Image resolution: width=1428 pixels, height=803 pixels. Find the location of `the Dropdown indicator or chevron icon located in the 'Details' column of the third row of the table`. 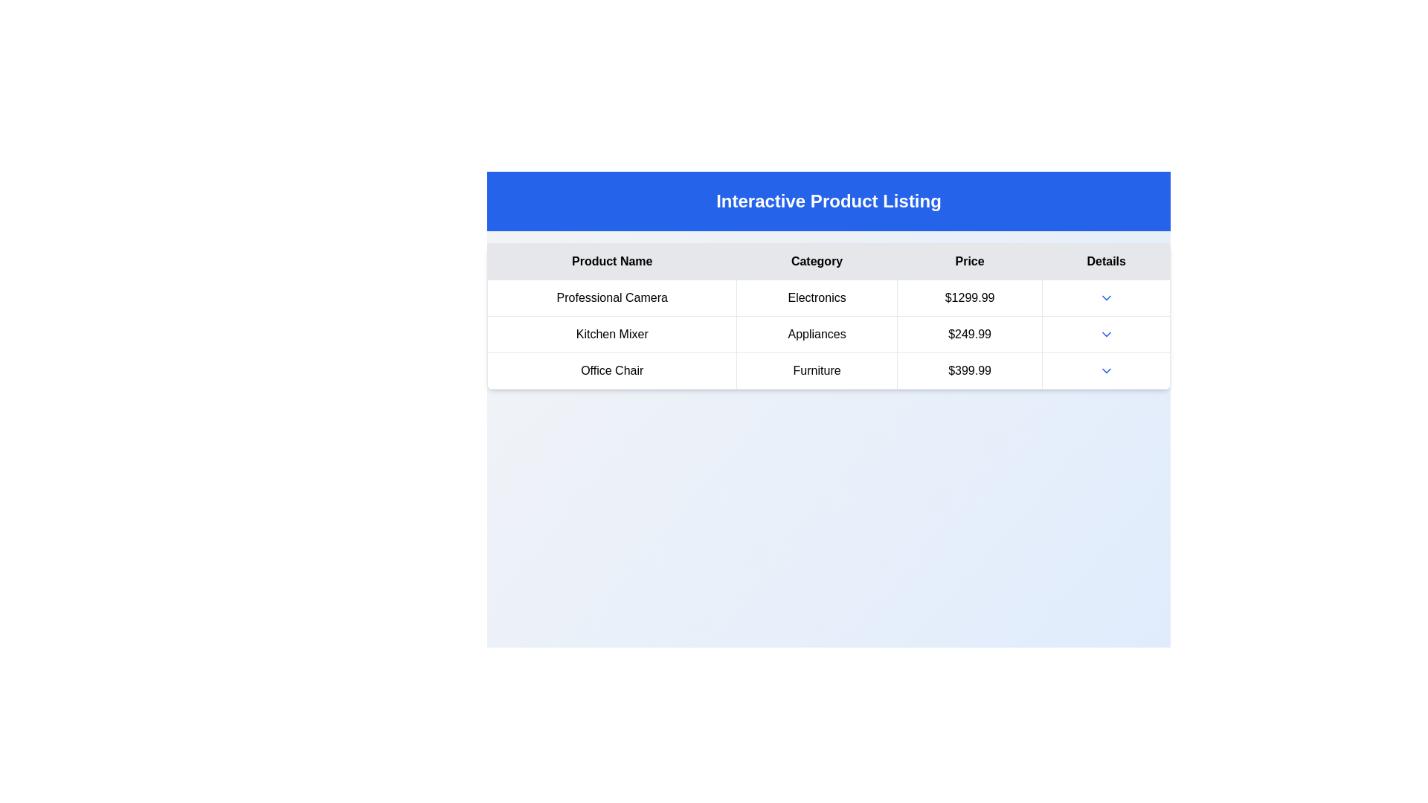

the Dropdown indicator or chevron icon located in the 'Details' column of the third row of the table is located at coordinates (1106, 370).